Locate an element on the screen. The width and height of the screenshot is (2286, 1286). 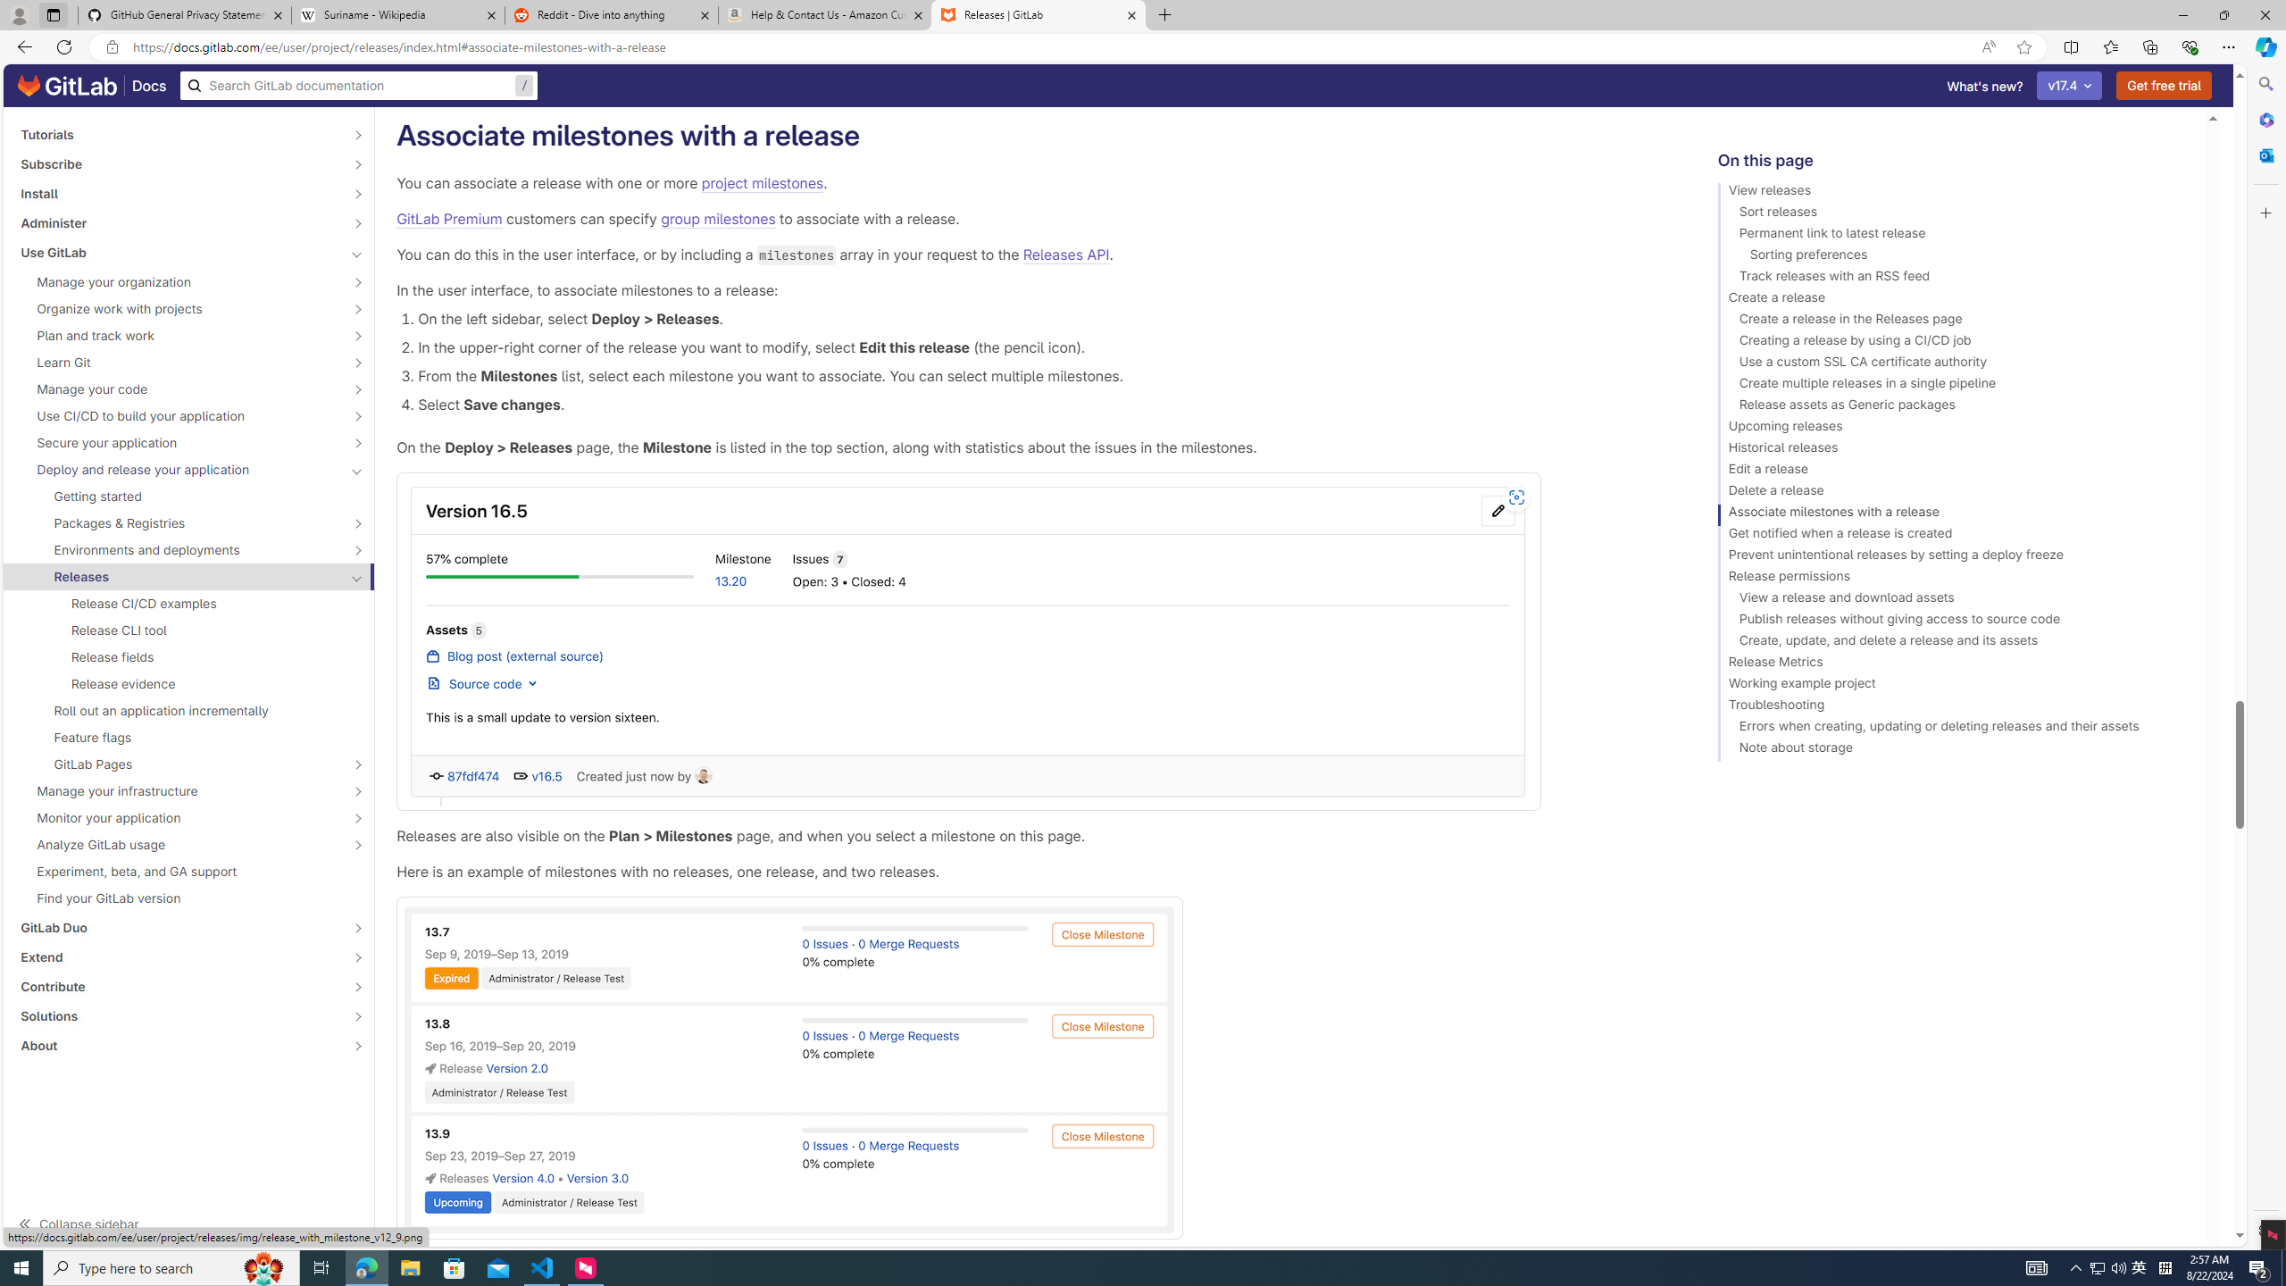
'Getting started' is located at coordinates (188, 496).